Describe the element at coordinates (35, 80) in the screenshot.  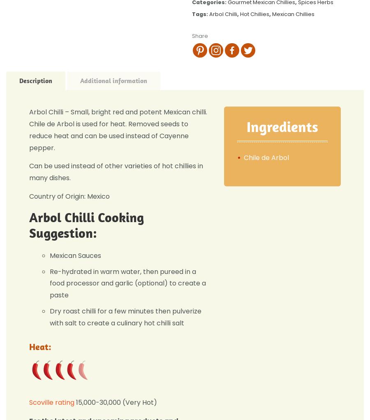
I see `'Description'` at that location.